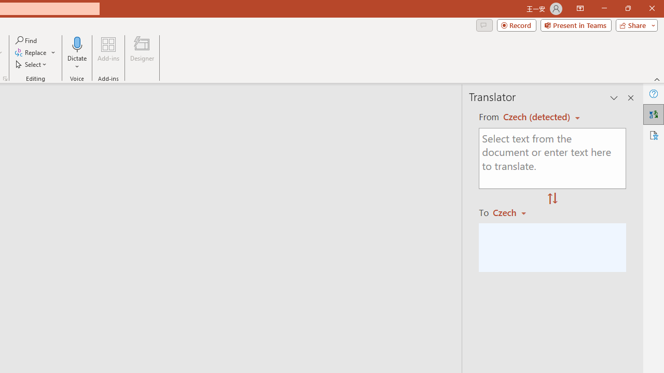  What do you see at coordinates (653, 94) in the screenshot?
I see `'Help'` at bounding box center [653, 94].